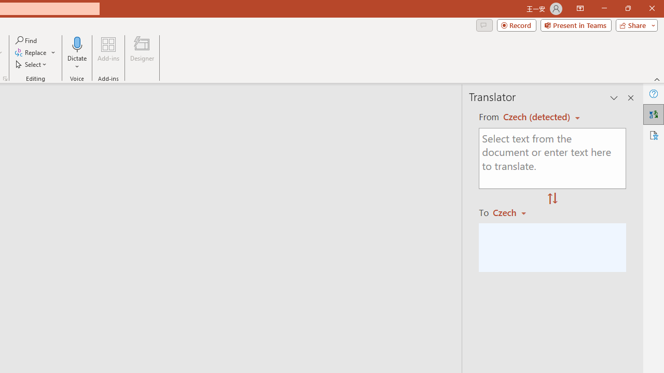  What do you see at coordinates (653, 94) in the screenshot?
I see `'Help'` at bounding box center [653, 94].